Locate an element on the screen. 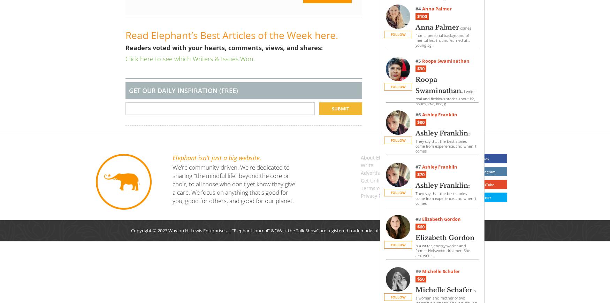  'Follow us on Twitter' is located at coordinates (473, 197).